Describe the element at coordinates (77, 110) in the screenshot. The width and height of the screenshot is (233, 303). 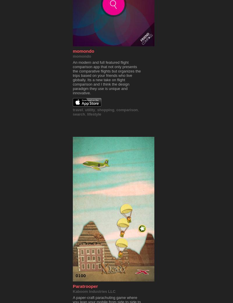
I see `'travel'` at that location.